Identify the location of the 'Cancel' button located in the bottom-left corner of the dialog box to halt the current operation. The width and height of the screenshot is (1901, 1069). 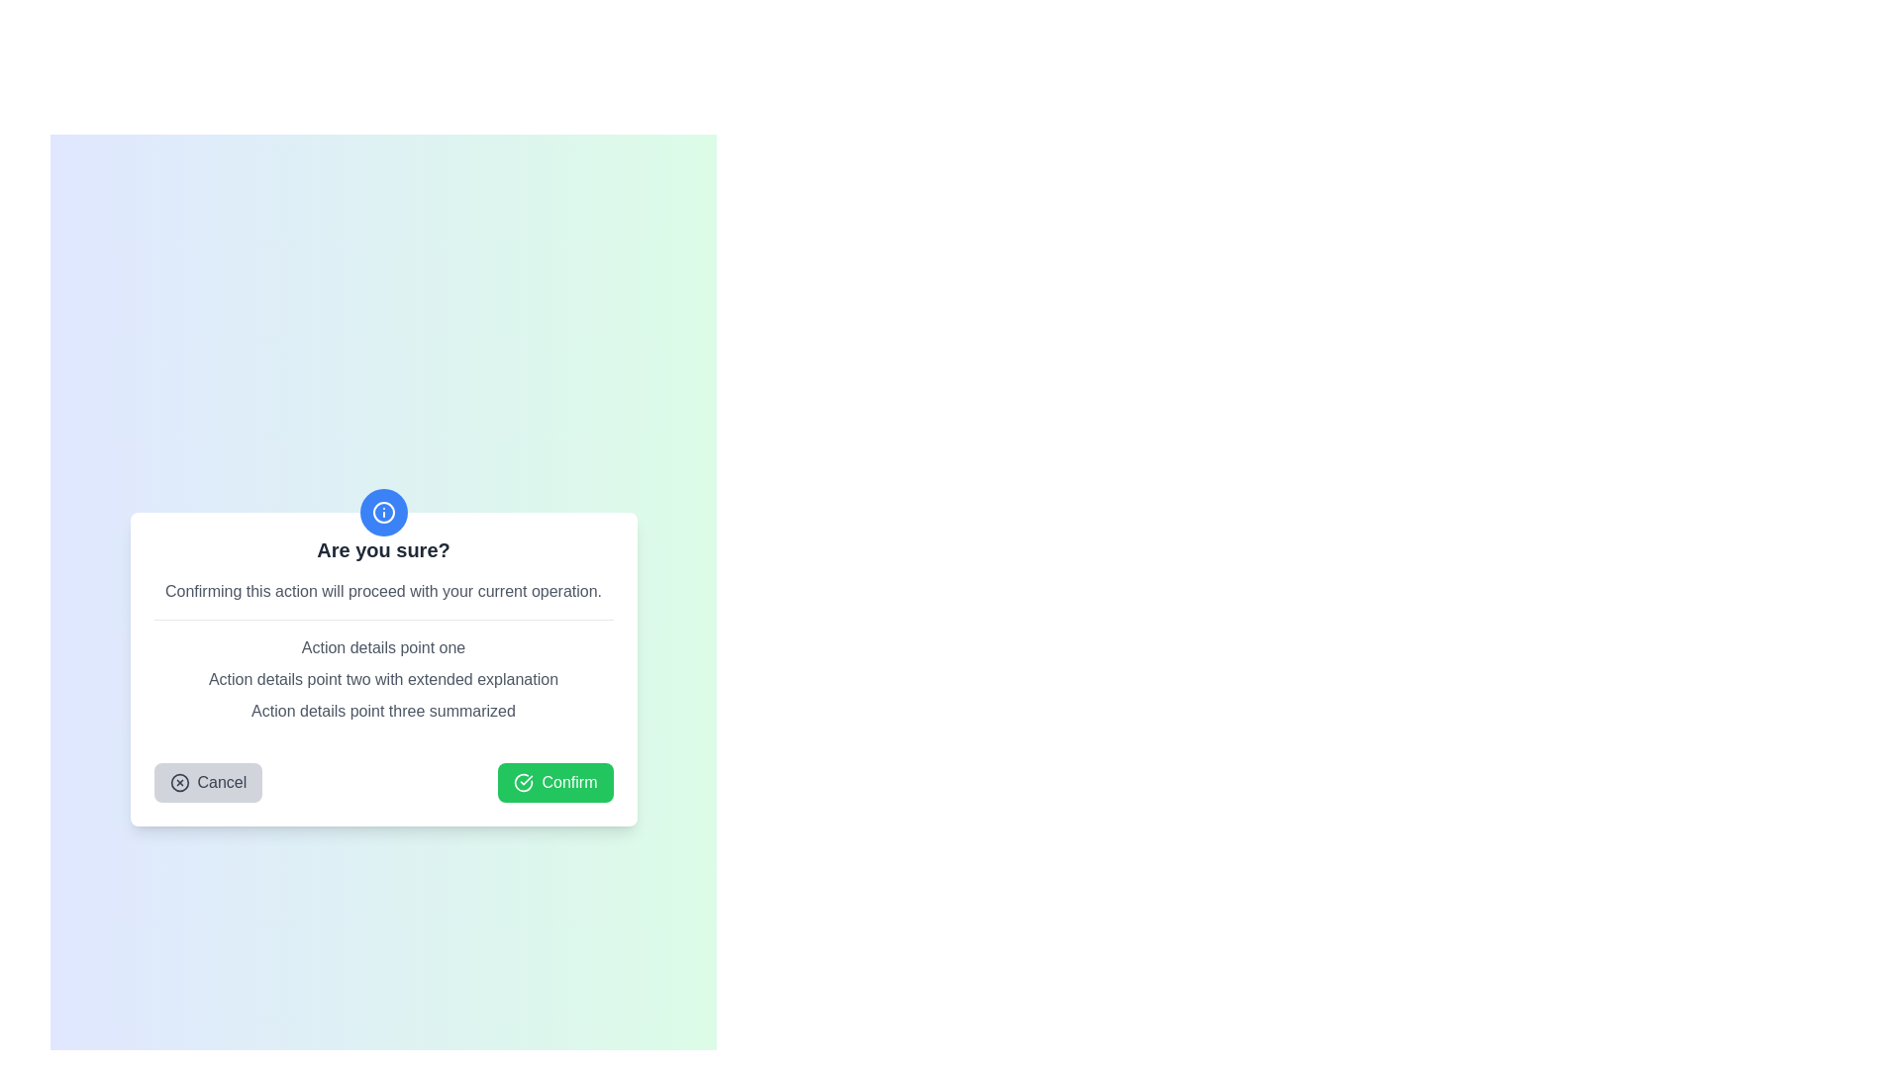
(208, 781).